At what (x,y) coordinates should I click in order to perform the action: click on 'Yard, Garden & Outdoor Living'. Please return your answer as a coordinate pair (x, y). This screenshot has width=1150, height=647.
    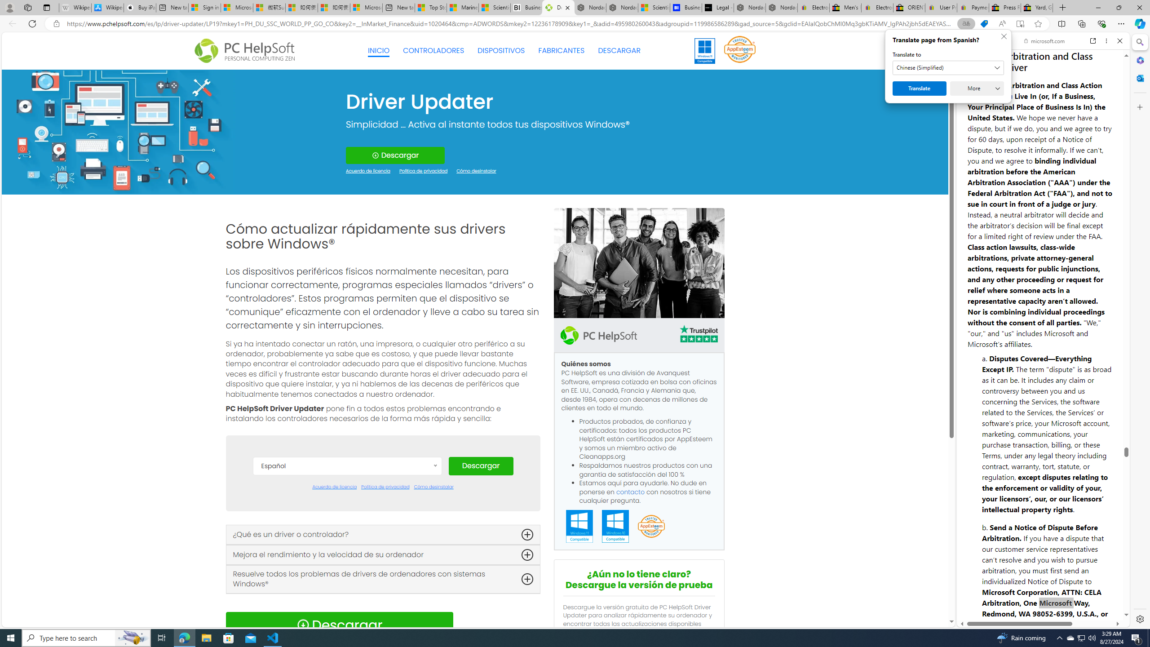
    Looking at the image, I should click on (1036, 7).